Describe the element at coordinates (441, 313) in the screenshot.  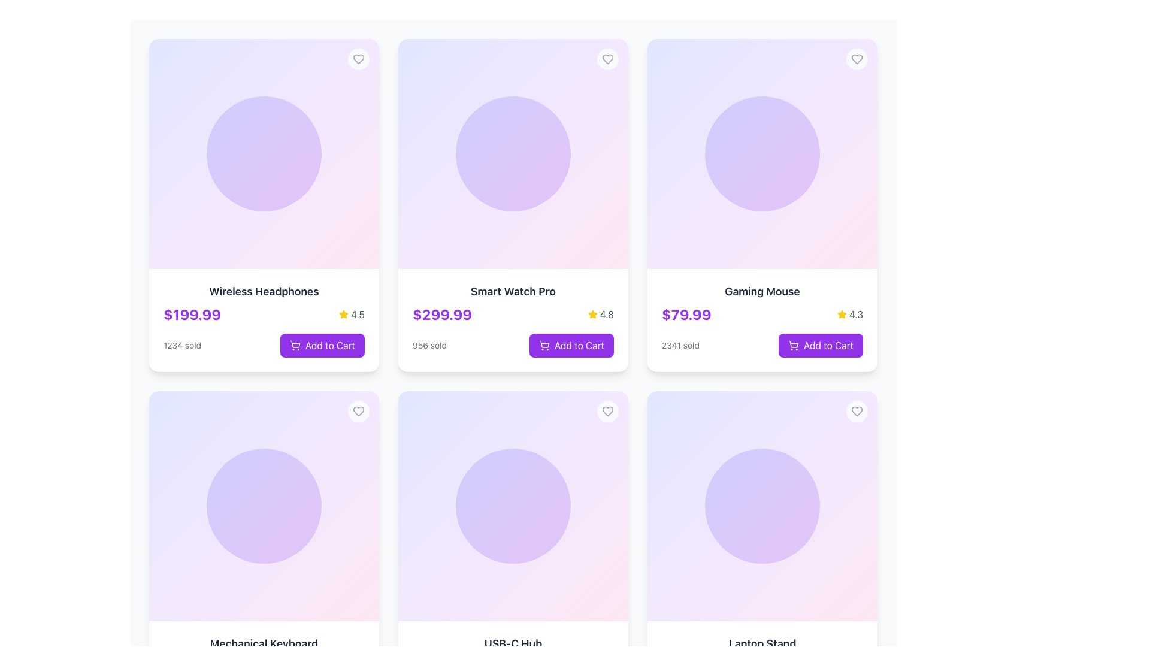
I see `price displayed in the bold purple text label showing '$299.99' located in the product card for 'Smart Watch Pro'` at that location.